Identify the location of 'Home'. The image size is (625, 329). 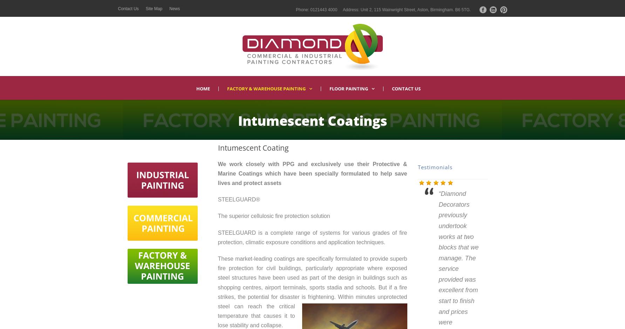
(202, 88).